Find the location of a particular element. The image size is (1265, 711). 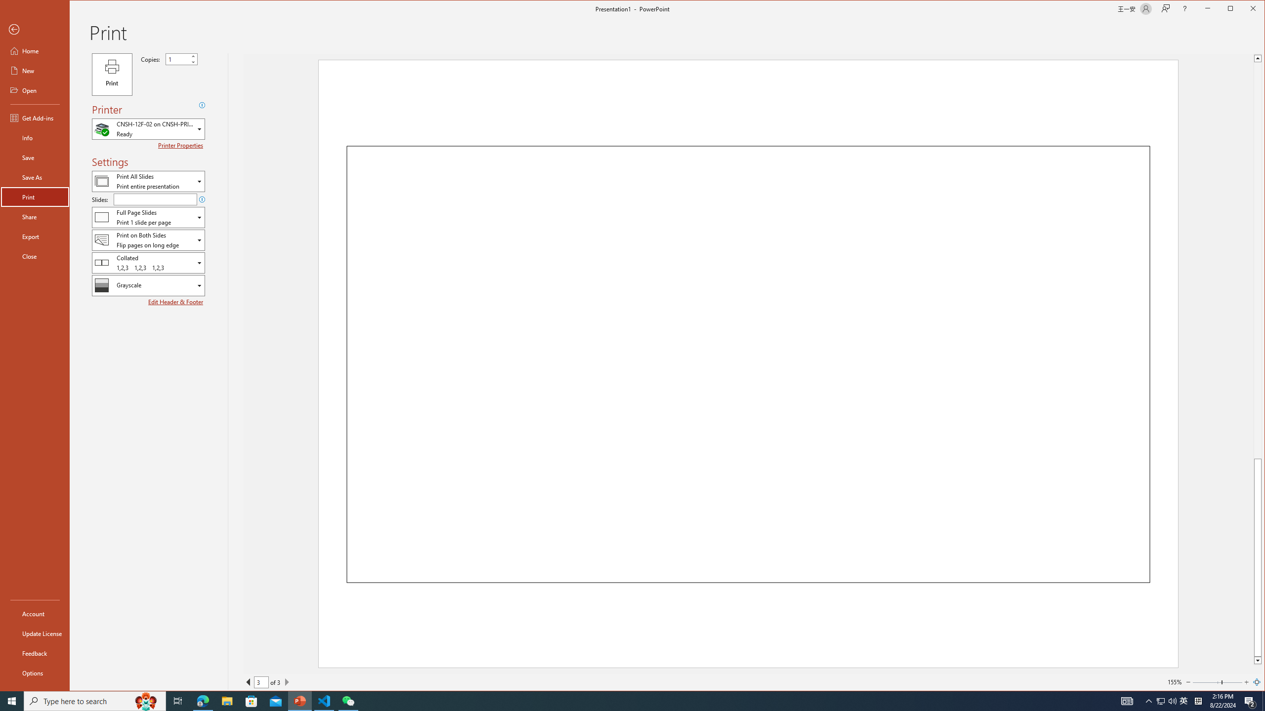

'Info' is located at coordinates (34, 138).